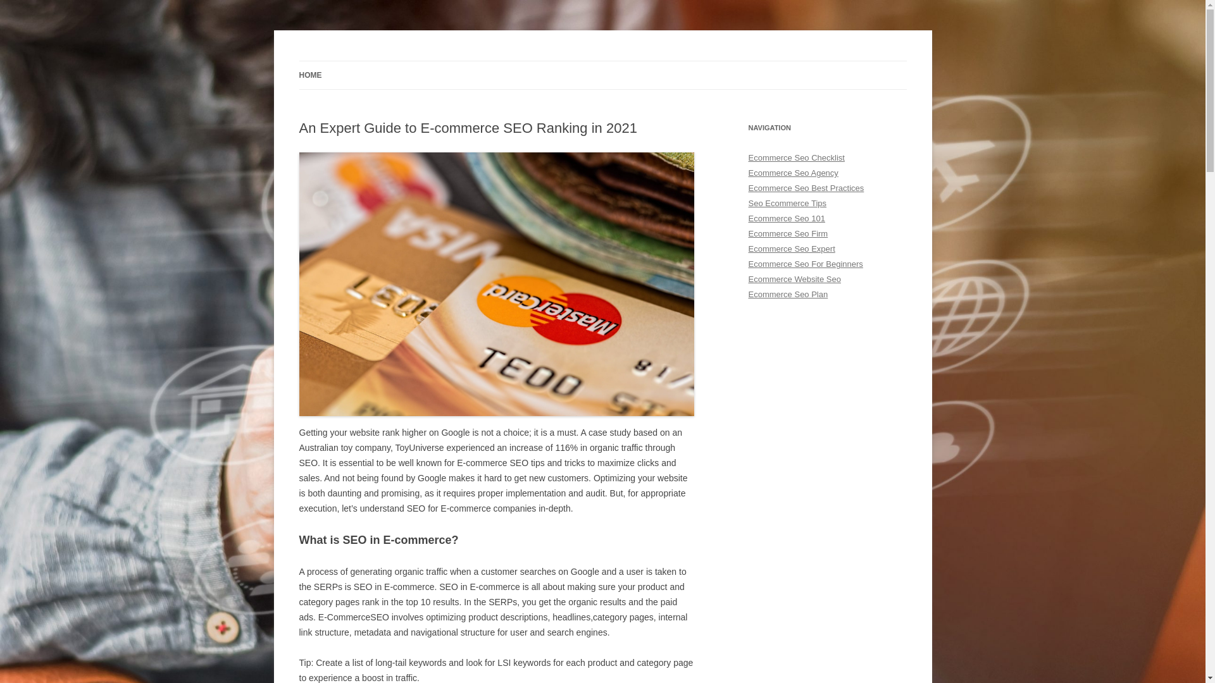  What do you see at coordinates (297, 75) in the screenshot?
I see `'HOME'` at bounding box center [297, 75].